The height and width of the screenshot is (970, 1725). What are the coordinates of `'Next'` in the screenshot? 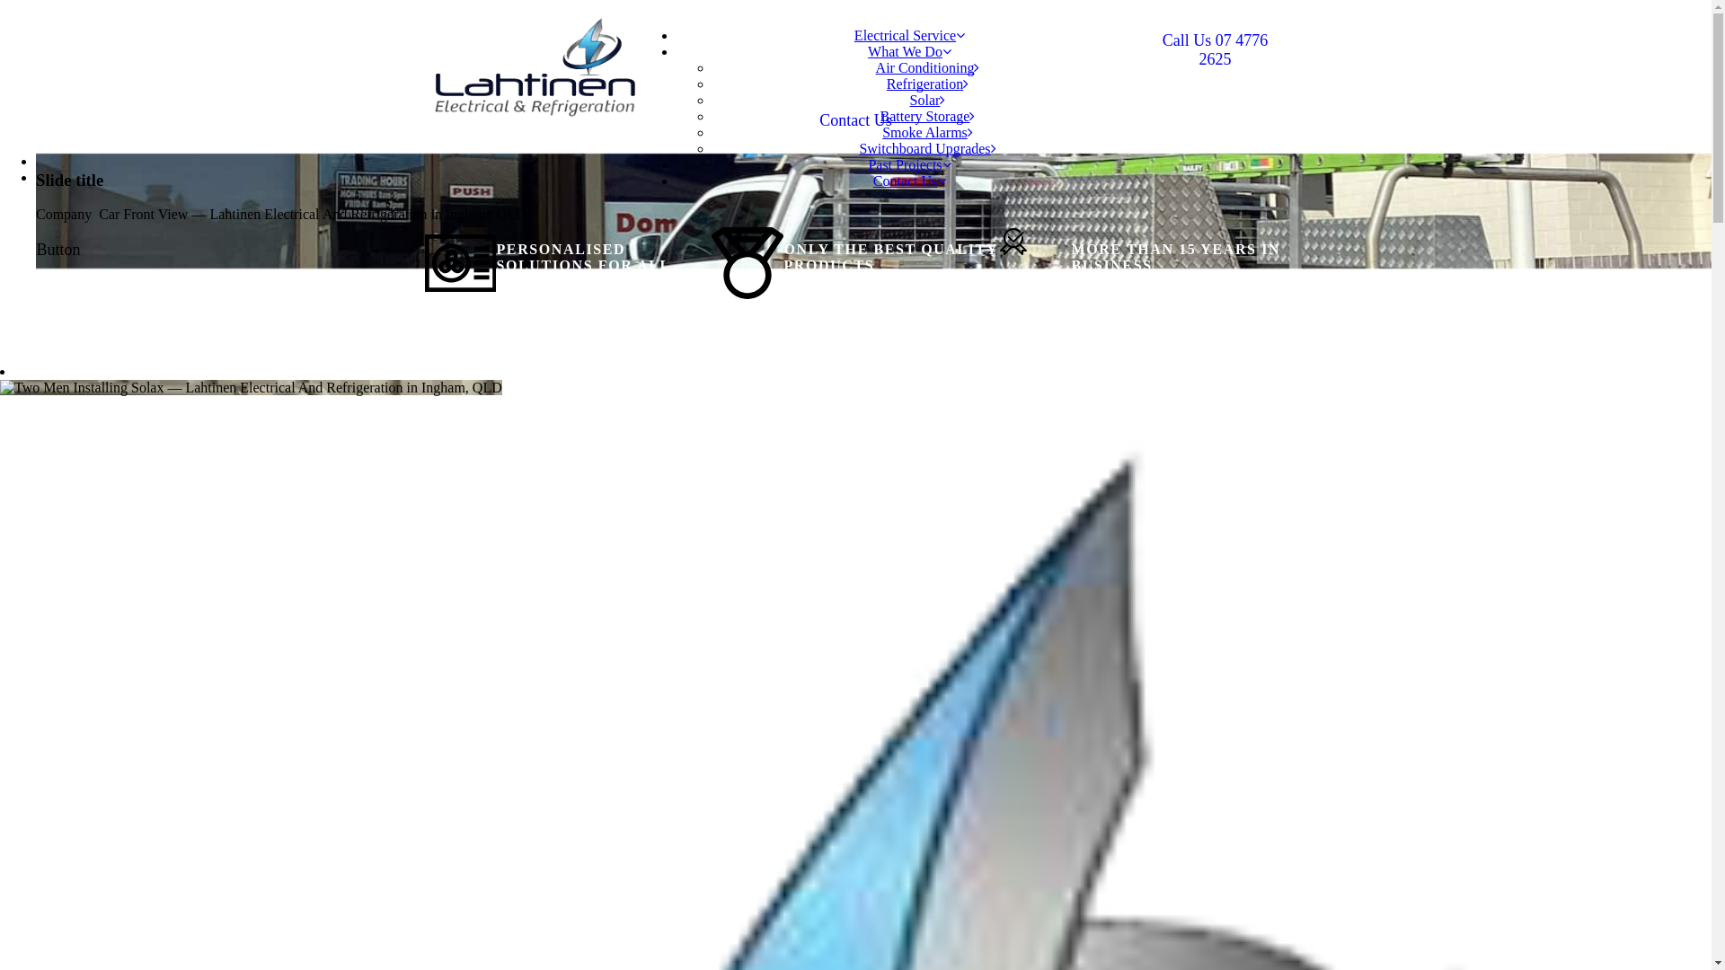 It's located at (49, 177).